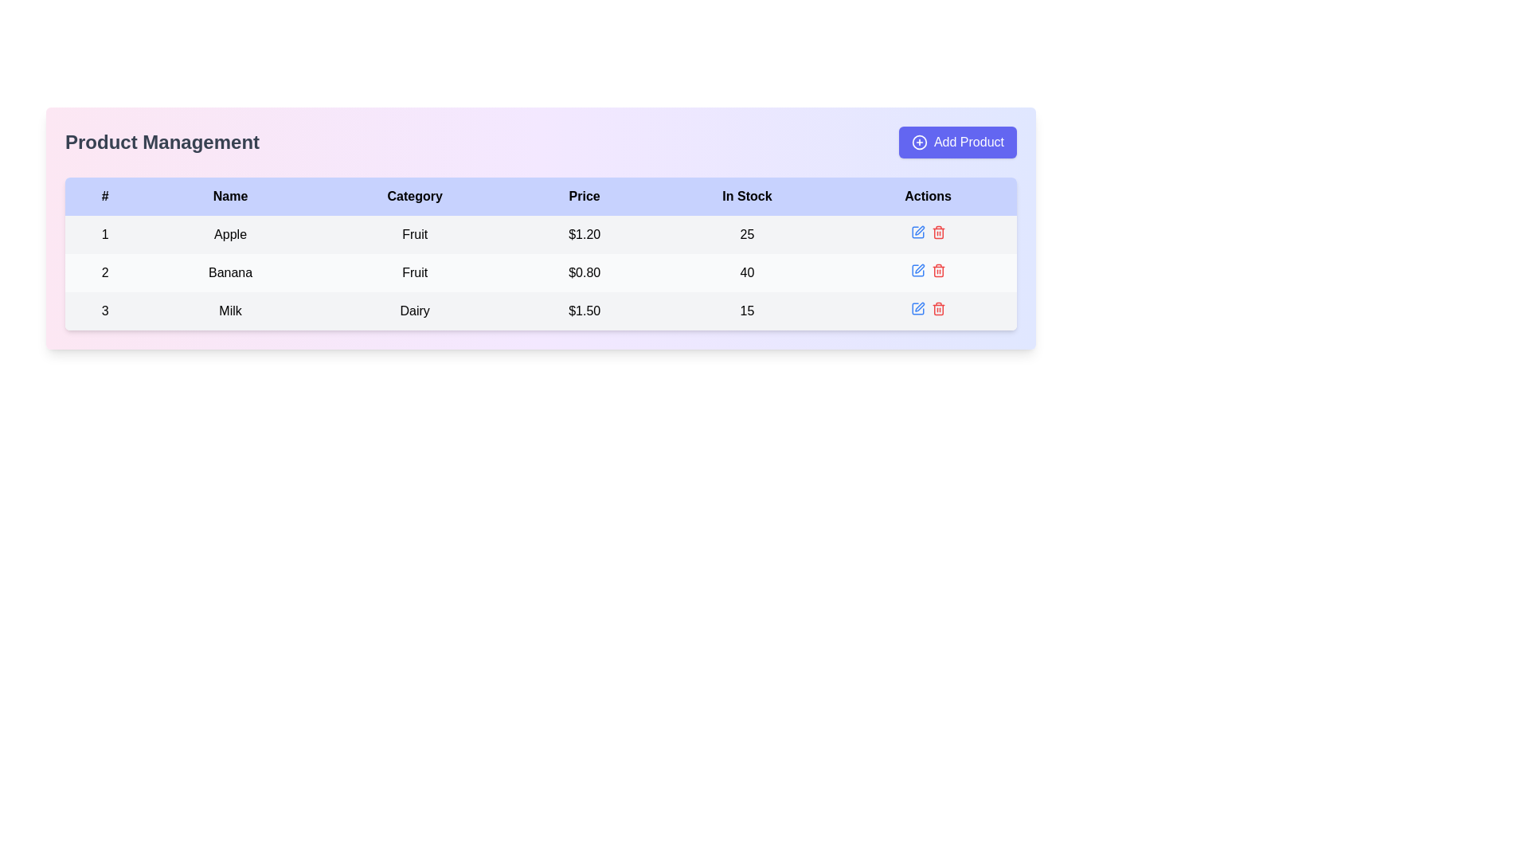 This screenshot has height=860, width=1529. I want to click on the table header cell labeled 'Actions', which is styled with a bold font on a light blue background, located at the end of the table header row, so click(928, 195).